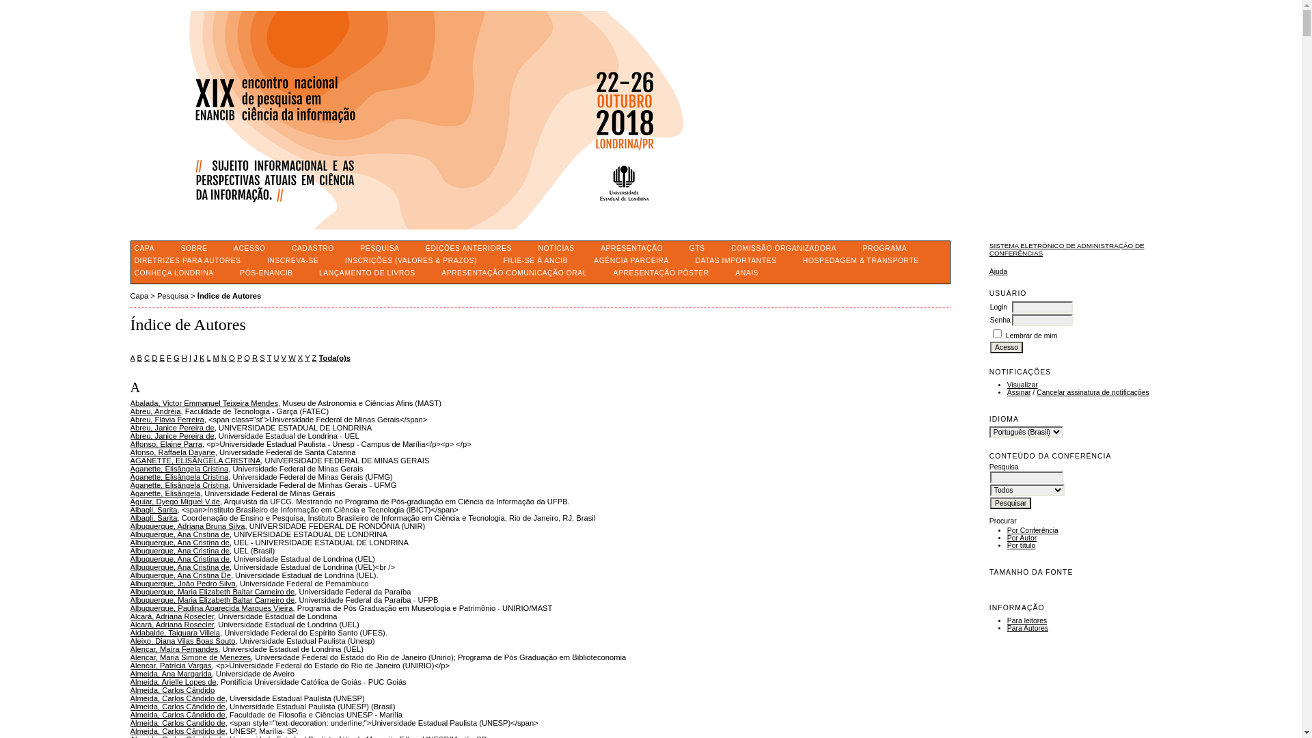  I want to click on 'Visualizar', so click(1007, 385).